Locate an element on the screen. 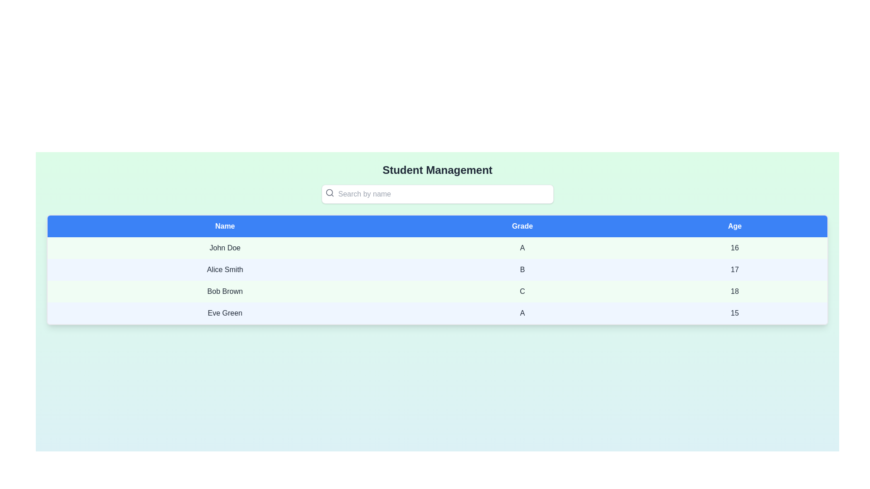 The image size is (870, 489). the data associated with the 'Name' column by clicking on the header cell located at the leftmost side of the header row in the data table is located at coordinates (225, 226).